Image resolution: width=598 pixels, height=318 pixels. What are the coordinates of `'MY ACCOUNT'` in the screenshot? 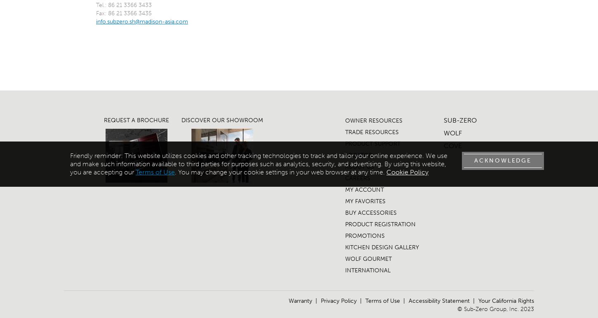 It's located at (364, 189).